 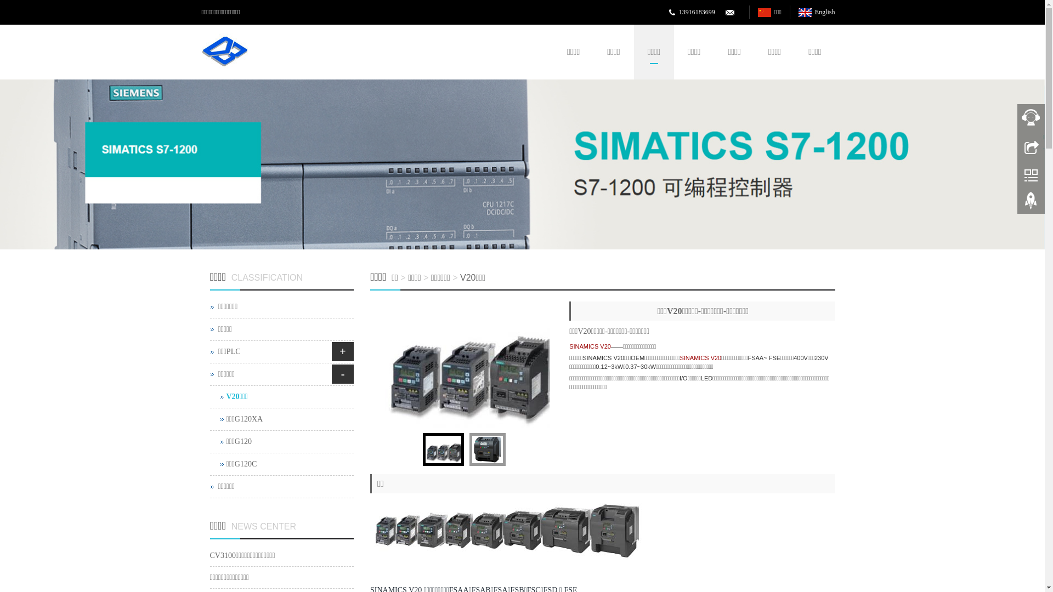 What do you see at coordinates (569, 346) in the screenshot?
I see `'SINAMICS V20'` at bounding box center [569, 346].